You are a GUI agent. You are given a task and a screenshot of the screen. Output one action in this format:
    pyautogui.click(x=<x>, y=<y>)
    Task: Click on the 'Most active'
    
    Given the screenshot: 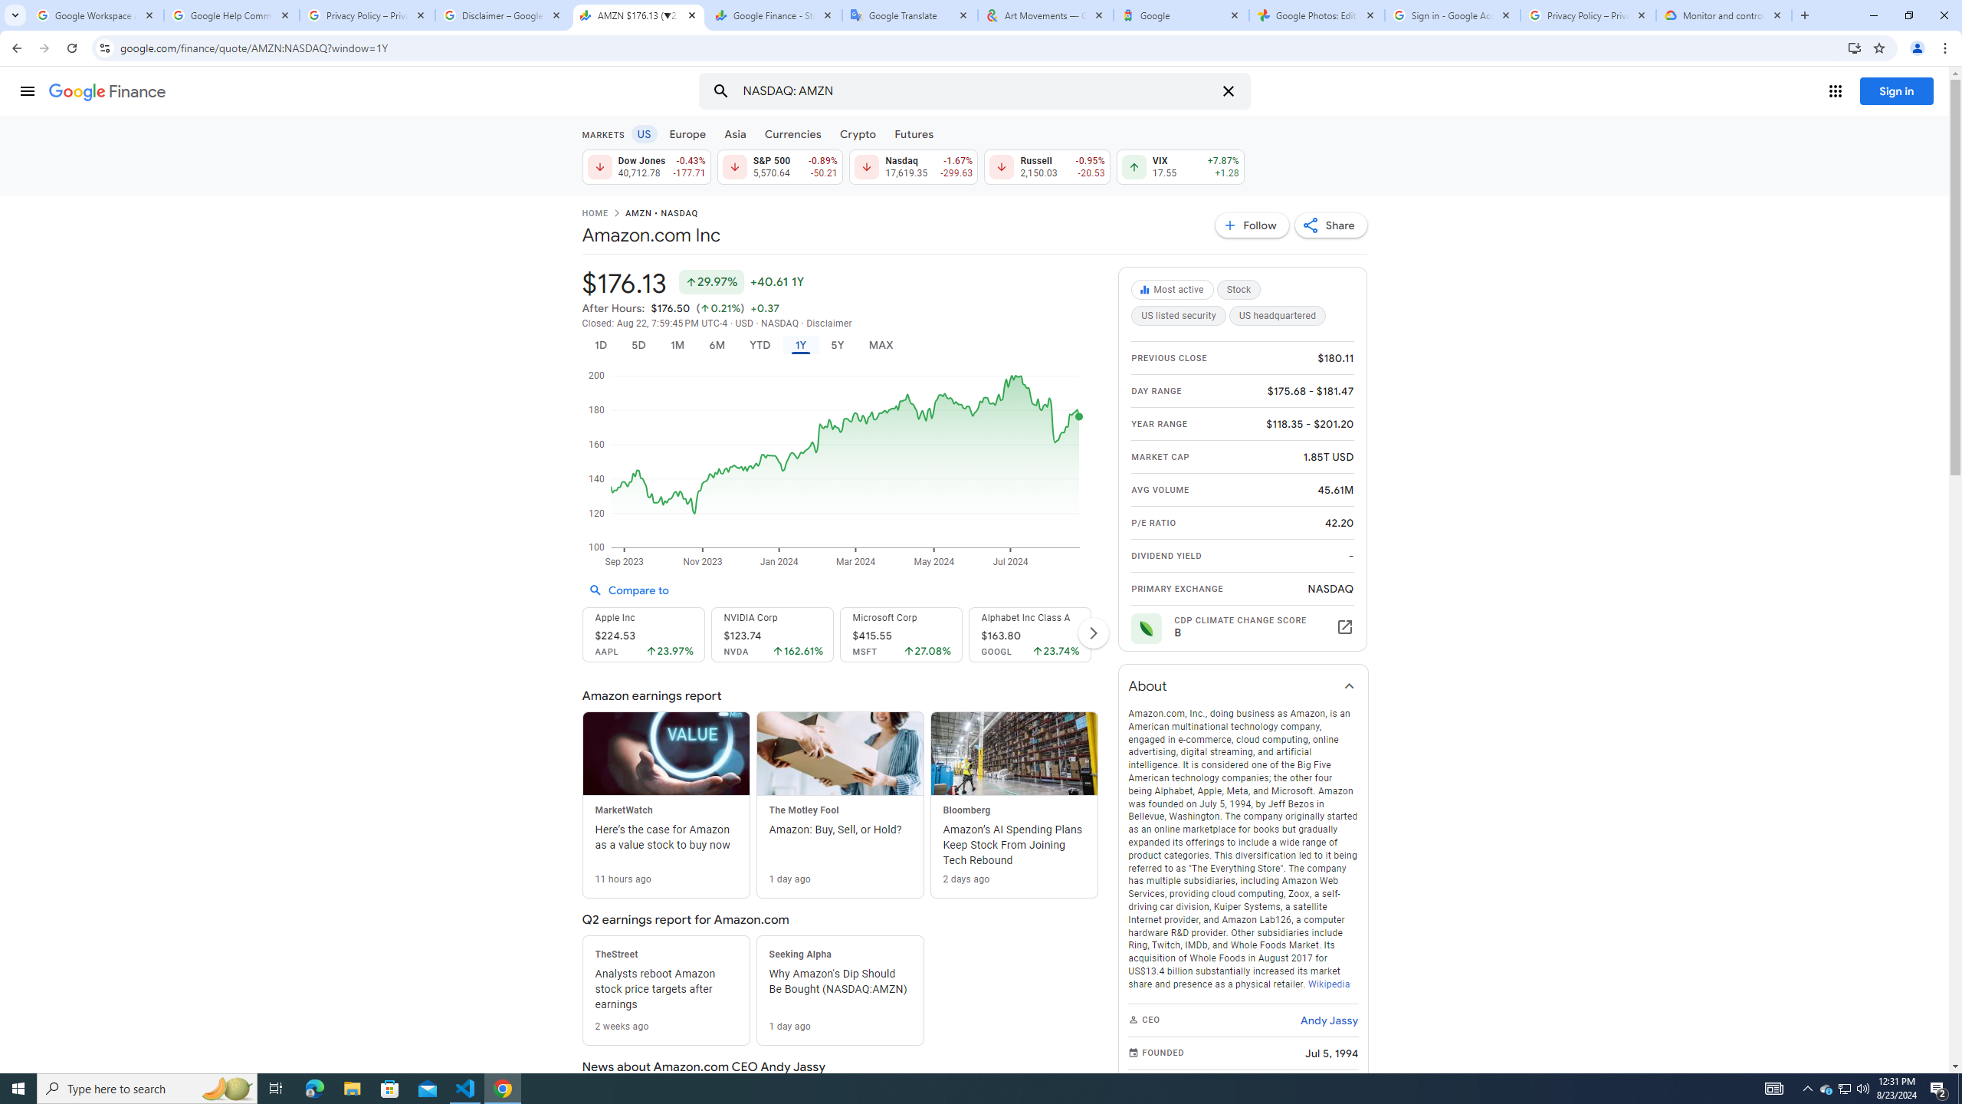 What is the action you would take?
    pyautogui.click(x=1174, y=290)
    